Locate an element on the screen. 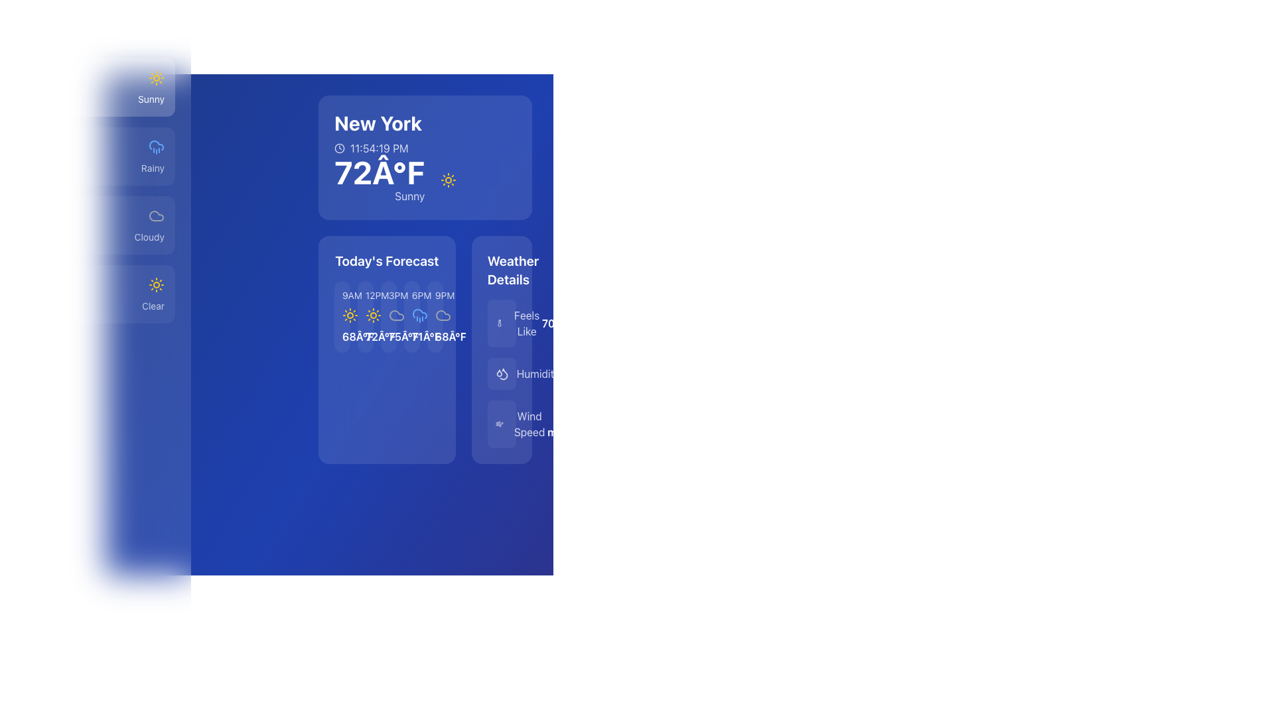  the clock icon with a minimalist design and bold strokes, located to the left of the text '11:54:19 PM' in the weather information panel is located at coordinates (340, 148).